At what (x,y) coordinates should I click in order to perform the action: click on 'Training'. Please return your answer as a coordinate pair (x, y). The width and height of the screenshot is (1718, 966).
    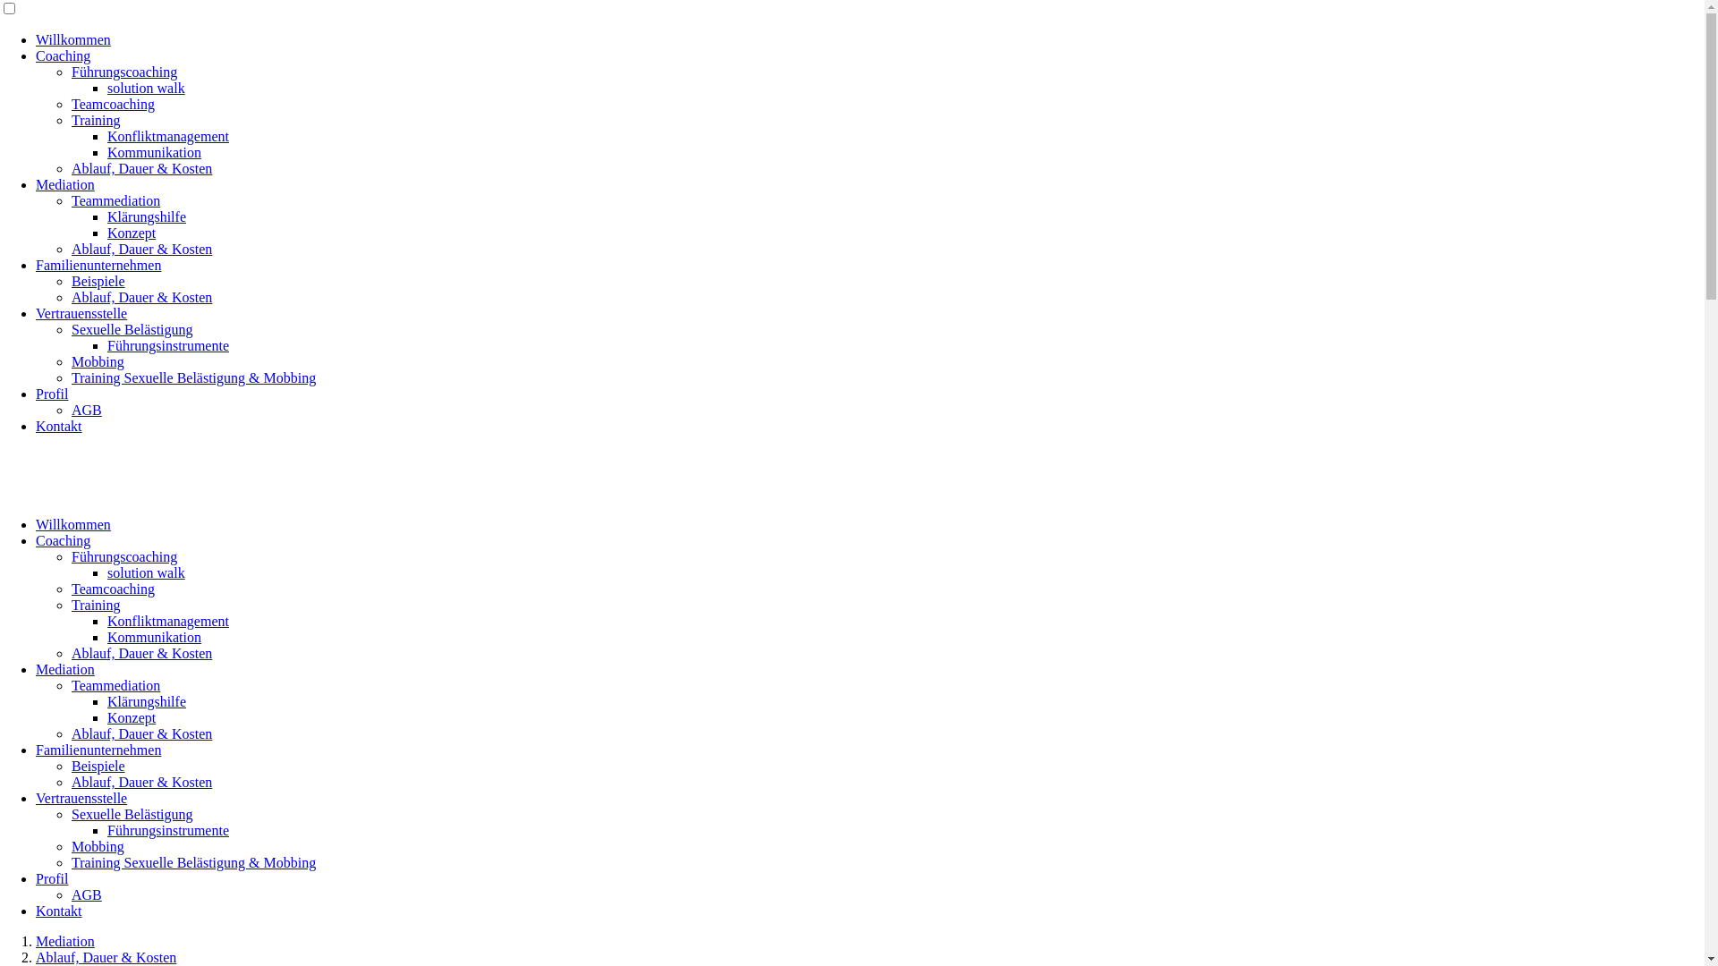
    Looking at the image, I should click on (95, 120).